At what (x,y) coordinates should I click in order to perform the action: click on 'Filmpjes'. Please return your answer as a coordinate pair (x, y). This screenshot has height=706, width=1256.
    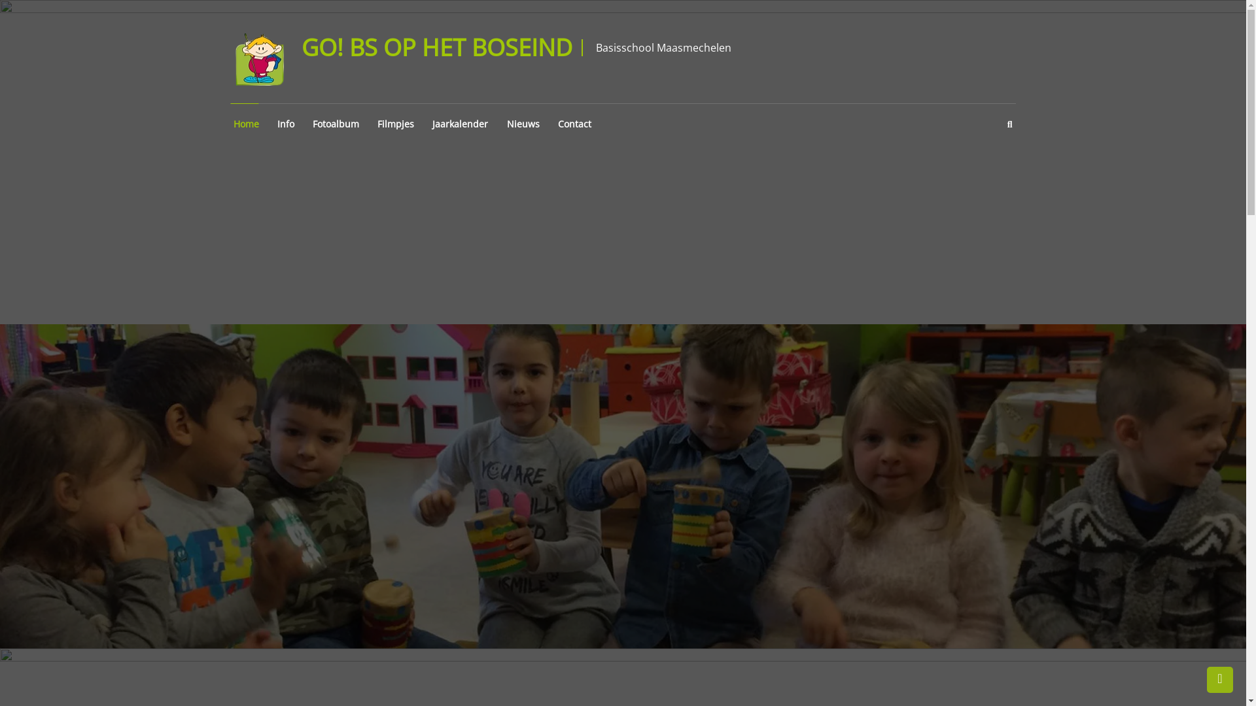
    Looking at the image, I should click on (374, 124).